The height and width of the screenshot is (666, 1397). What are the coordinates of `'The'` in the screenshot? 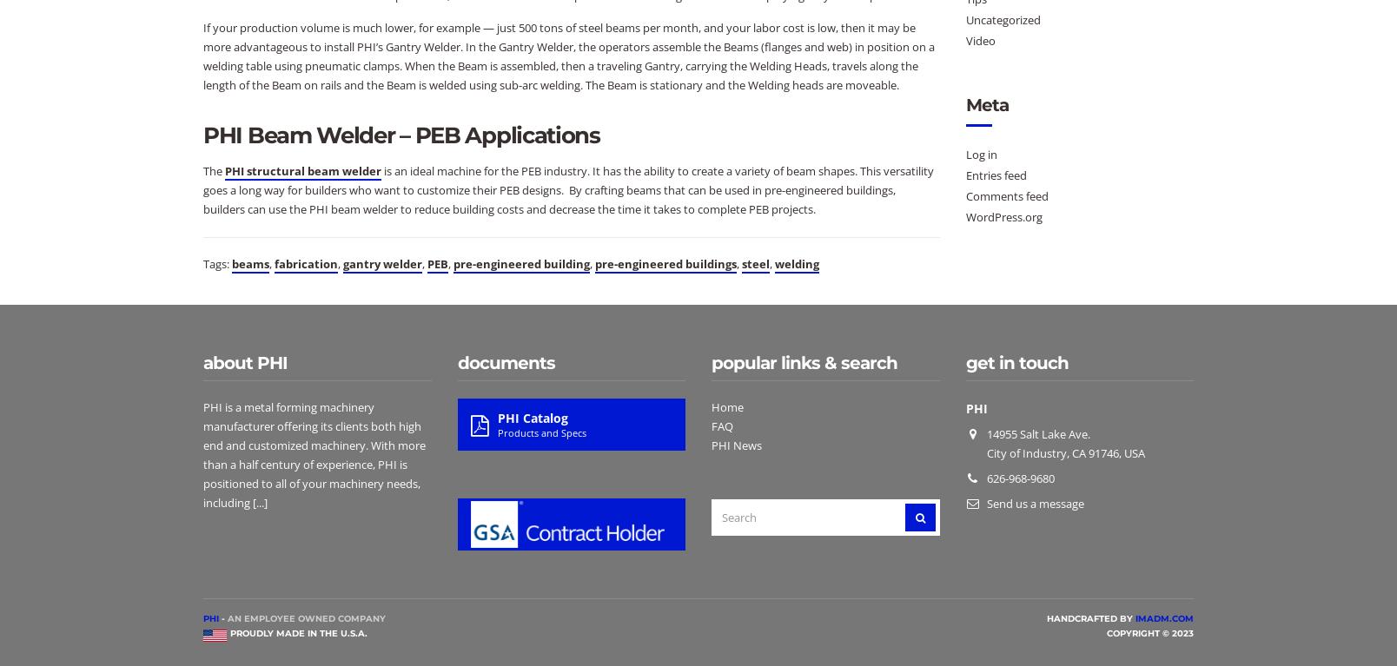 It's located at (214, 170).